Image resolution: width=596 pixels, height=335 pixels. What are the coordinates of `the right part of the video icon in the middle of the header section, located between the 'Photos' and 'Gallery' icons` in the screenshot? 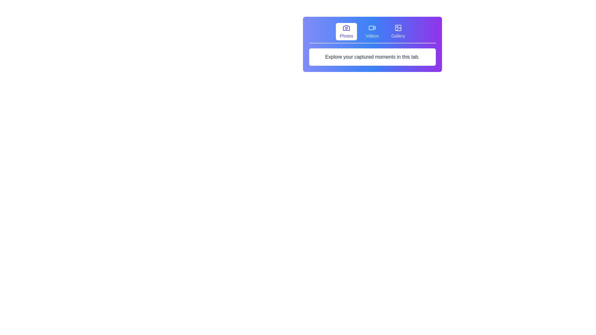 It's located at (374, 27).